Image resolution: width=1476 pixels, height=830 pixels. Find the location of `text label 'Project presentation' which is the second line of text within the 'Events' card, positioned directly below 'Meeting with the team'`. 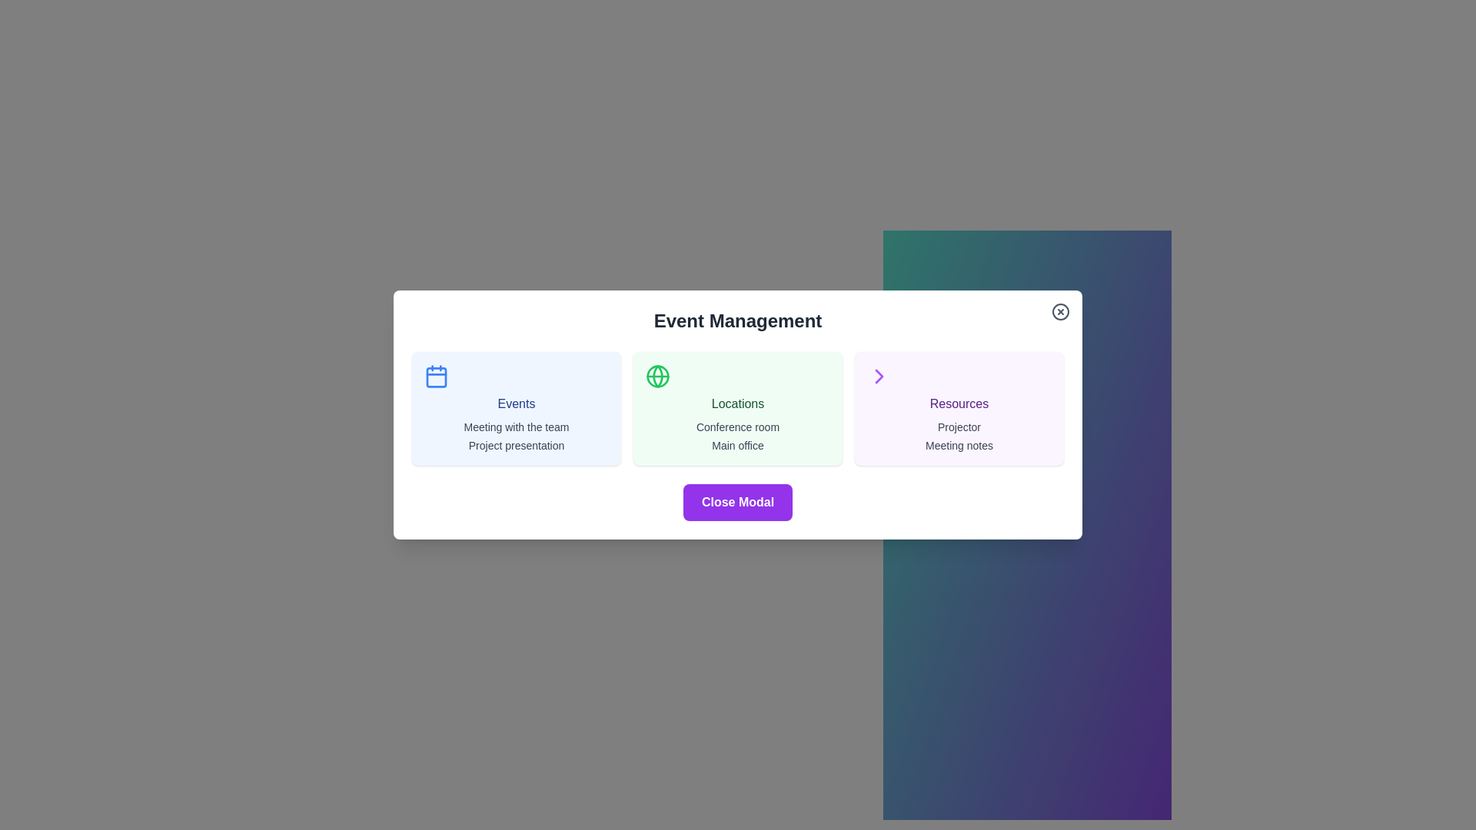

text label 'Project presentation' which is the second line of text within the 'Events' card, positioned directly below 'Meeting with the team' is located at coordinates (517, 445).